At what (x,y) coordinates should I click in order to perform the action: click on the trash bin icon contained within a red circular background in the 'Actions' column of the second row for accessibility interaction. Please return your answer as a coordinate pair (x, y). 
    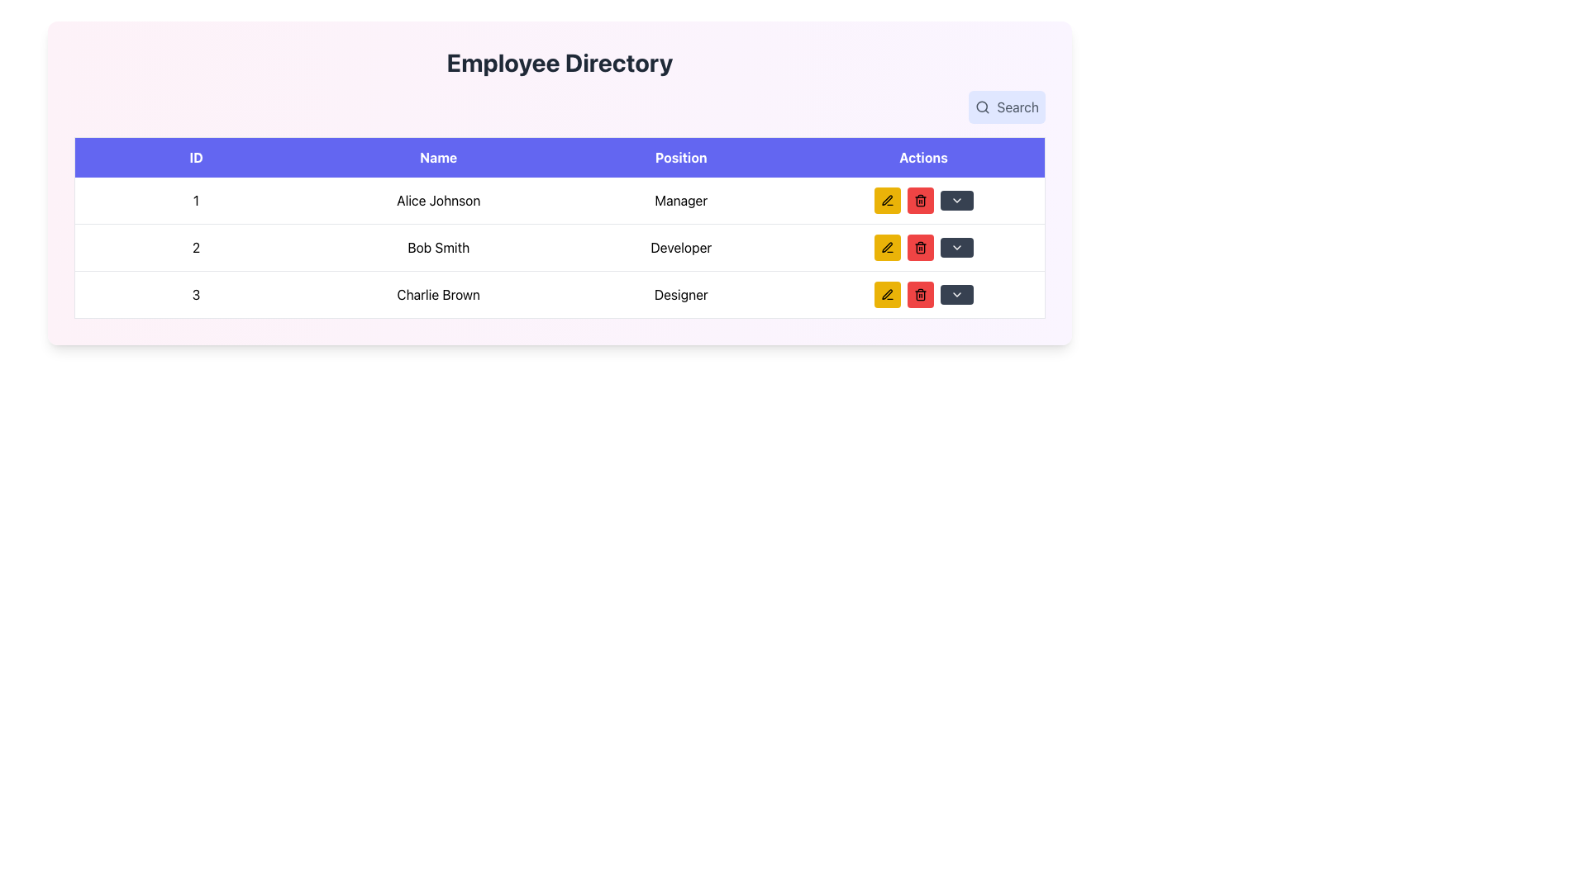
    Looking at the image, I should click on (919, 294).